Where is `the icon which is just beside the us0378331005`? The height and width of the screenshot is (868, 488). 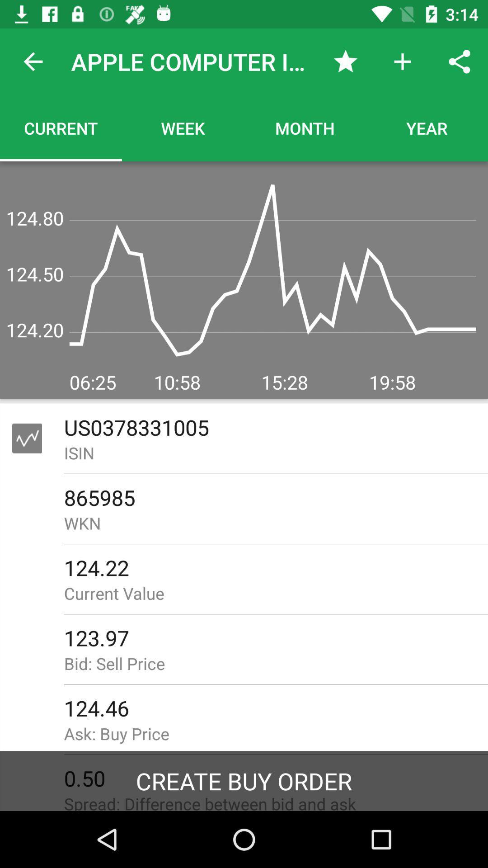
the icon which is just beside the us0378331005 is located at coordinates (27, 438).